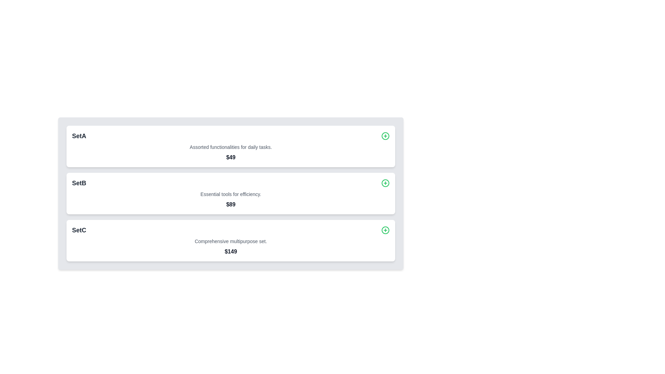 This screenshot has height=374, width=665. What do you see at coordinates (385, 230) in the screenshot?
I see `the green circular SVG element that is part of the icon containing a '+' symbol, positioned beneath the '$149' price tag associated with the 'SetC' item` at bounding box center [385, 230].